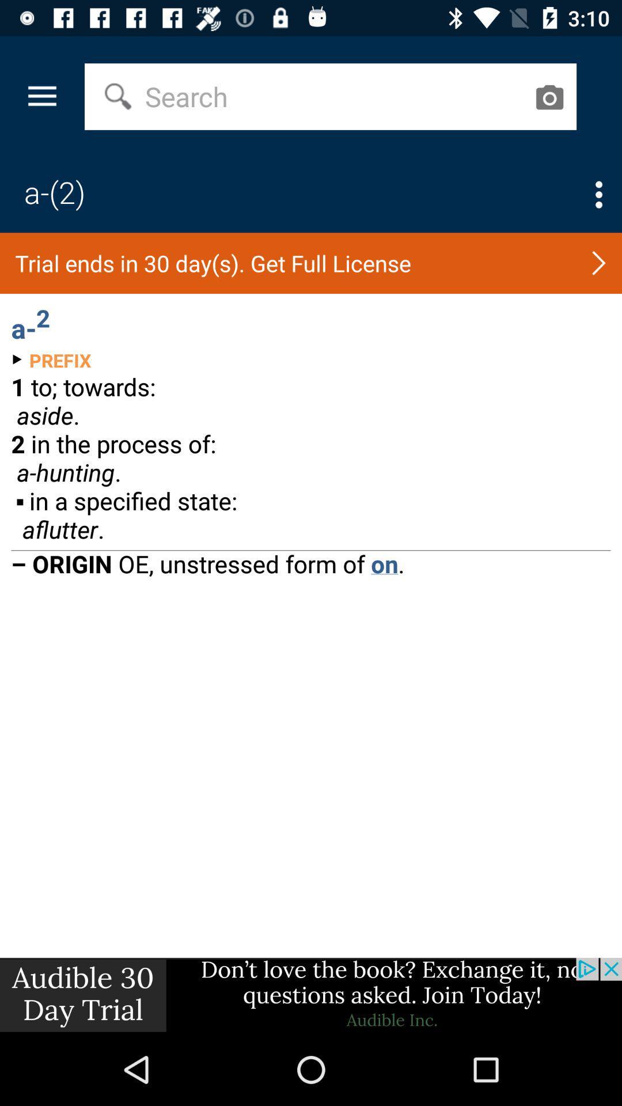 The height and width of the screenshot is (1106, 622). I want to click on apps, so click(598, 195).